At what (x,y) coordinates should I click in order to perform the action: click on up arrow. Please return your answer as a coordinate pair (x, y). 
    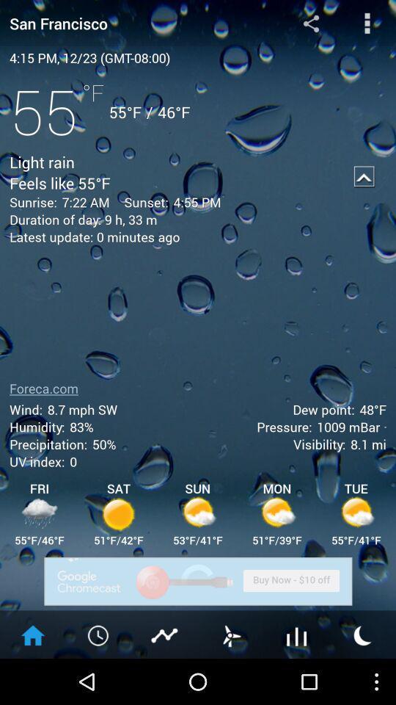
    Looking at the image, I should click on (364, 176).